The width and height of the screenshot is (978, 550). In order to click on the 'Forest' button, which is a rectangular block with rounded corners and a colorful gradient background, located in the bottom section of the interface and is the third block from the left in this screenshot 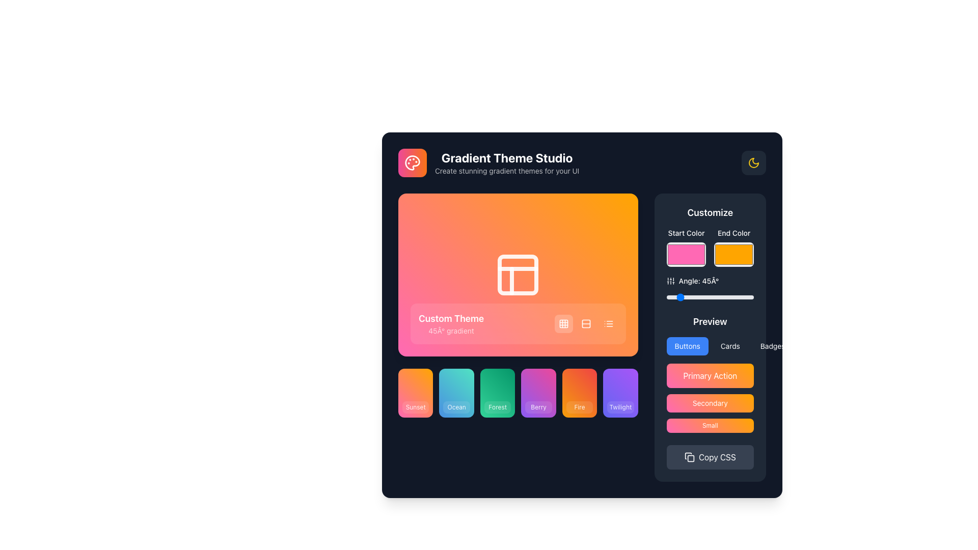, I will do `click(518, 392)`.